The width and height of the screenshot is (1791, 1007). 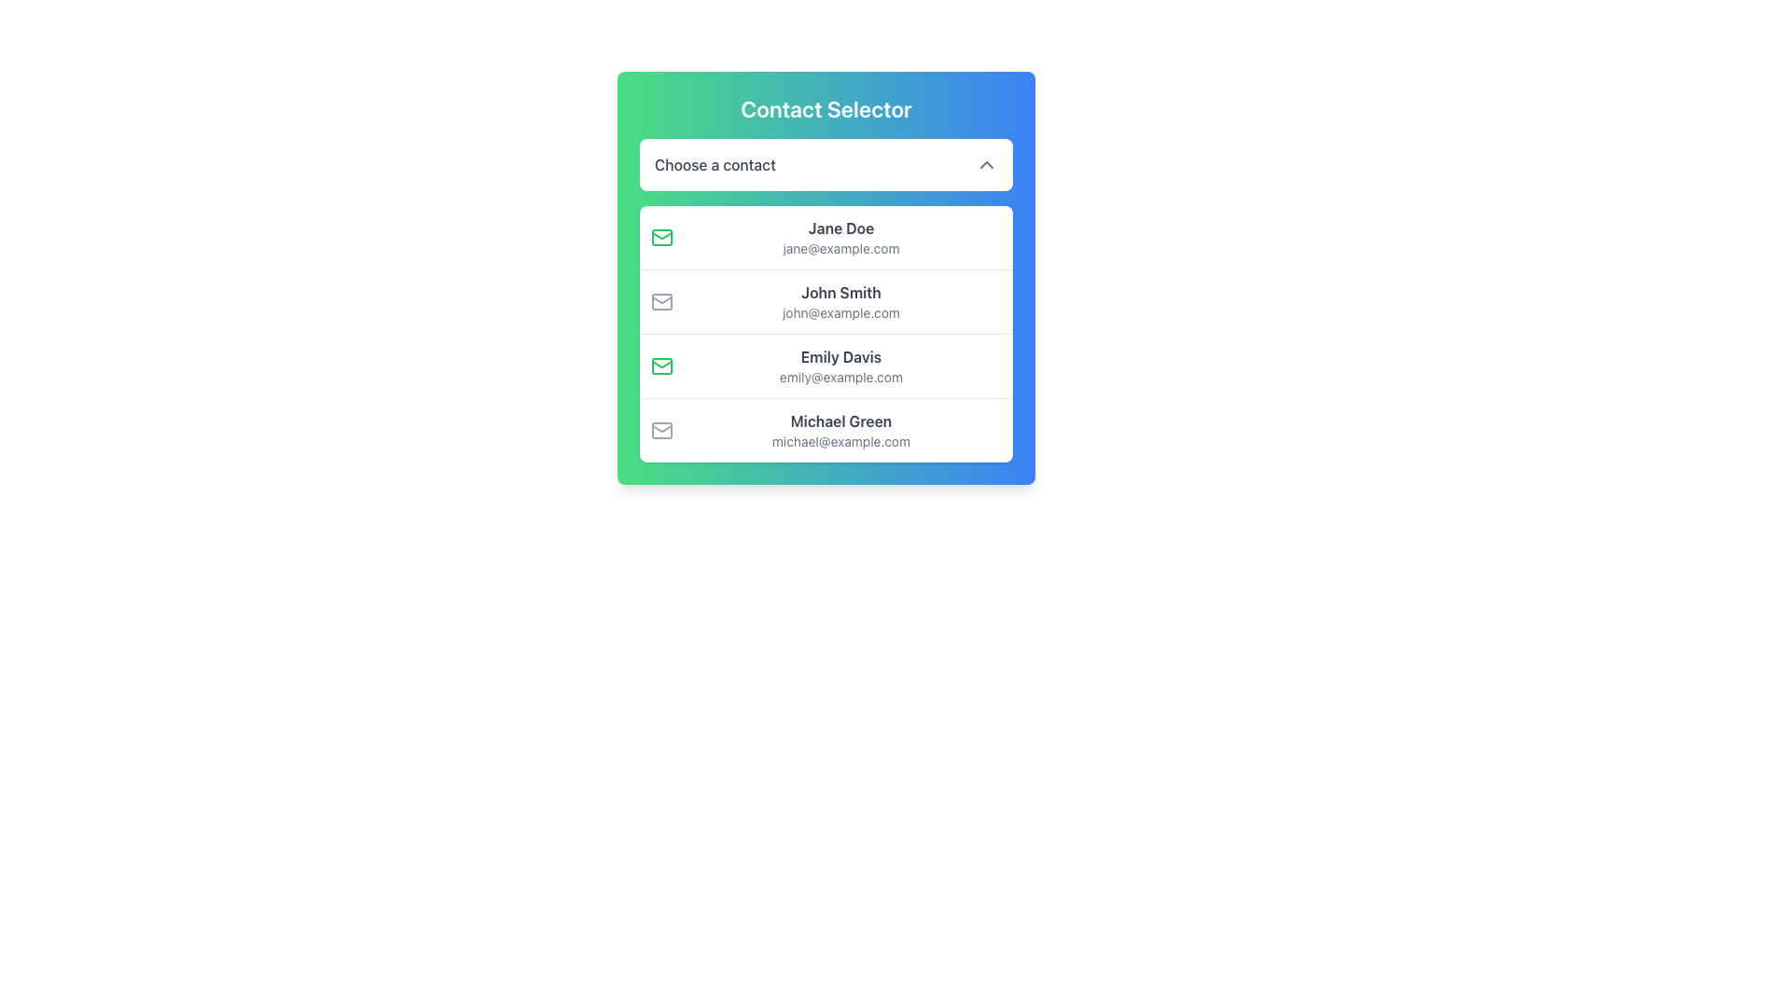 What do you see at coordinates (826, 430) in the screenshot?
I see `the list item displaying 'Michael Green' with the email 'michael@example.com'` at bounding box center [826, 430].